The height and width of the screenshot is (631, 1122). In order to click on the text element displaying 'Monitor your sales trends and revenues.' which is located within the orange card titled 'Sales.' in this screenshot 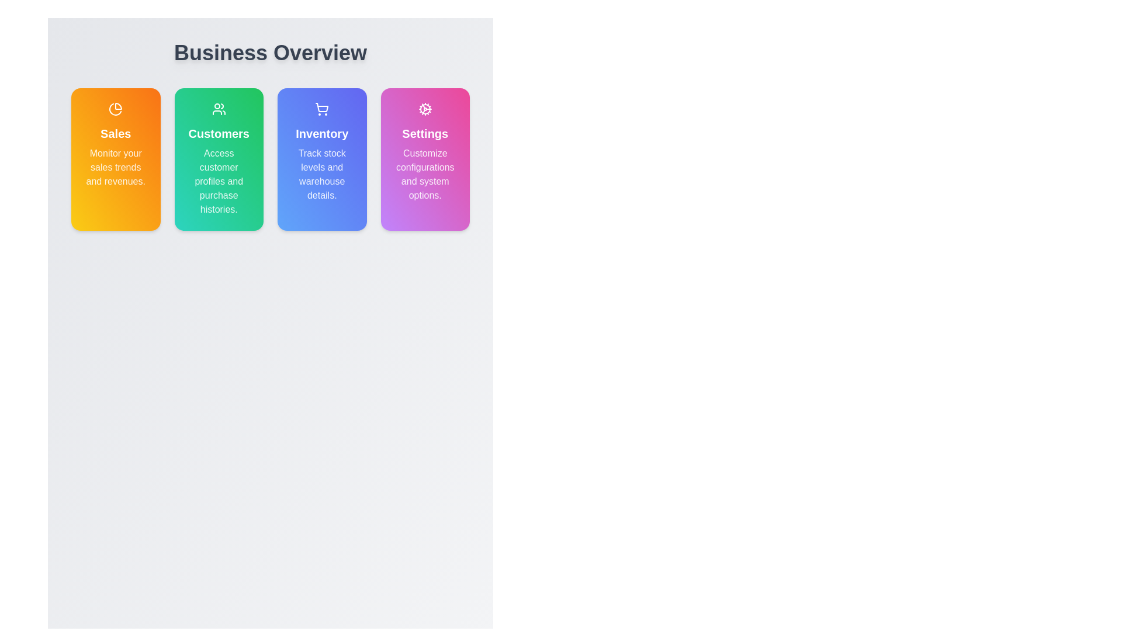, I will do `click(116, 167)`.